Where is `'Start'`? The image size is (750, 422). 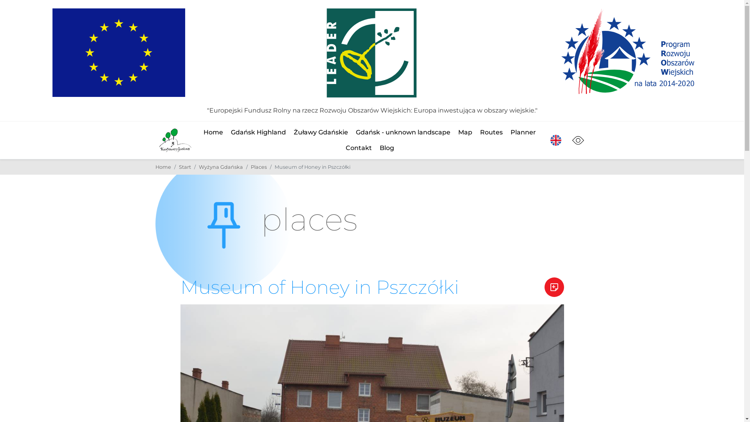
'Start' is located at coordinates (184, 166).